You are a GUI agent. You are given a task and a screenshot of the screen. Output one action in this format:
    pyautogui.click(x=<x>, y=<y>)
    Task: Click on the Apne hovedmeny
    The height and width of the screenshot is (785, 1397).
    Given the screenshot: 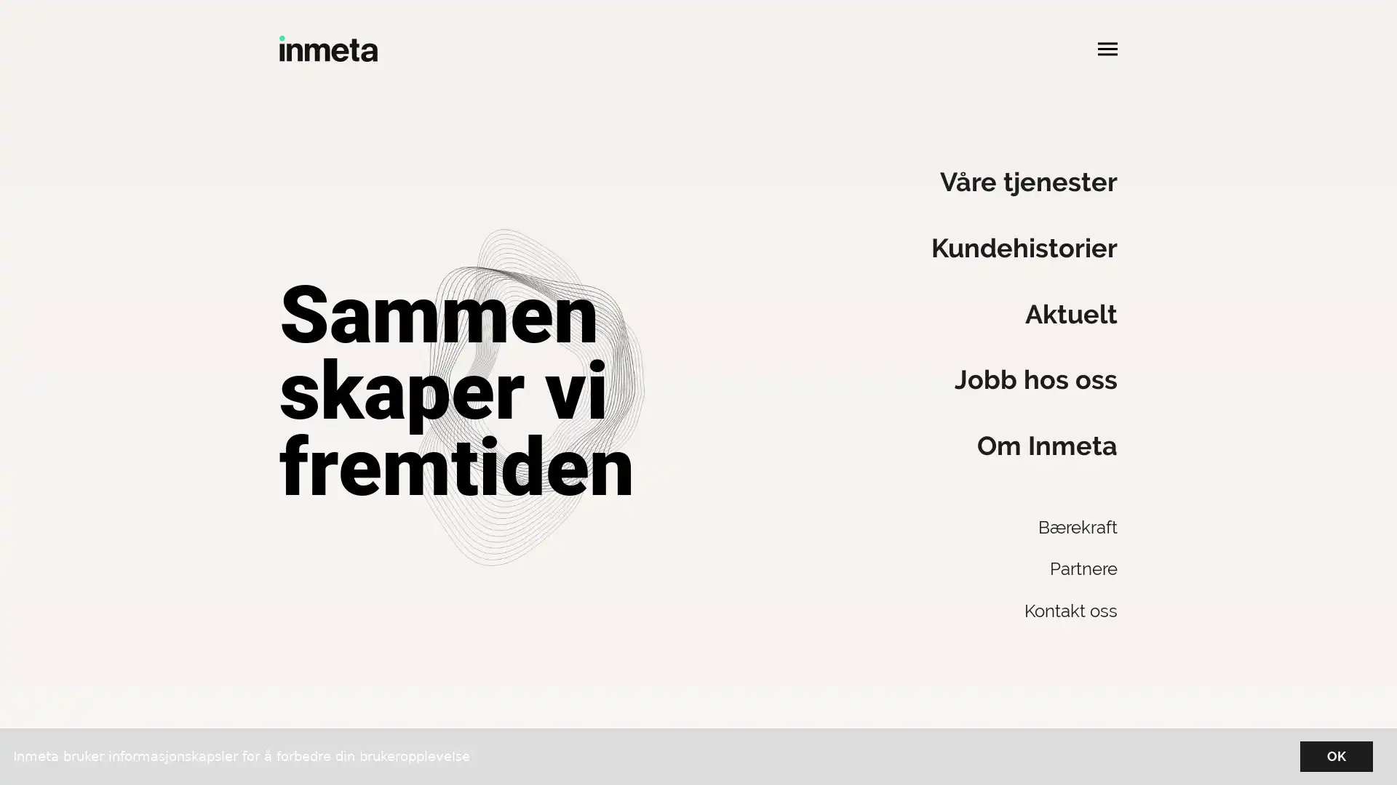 What is the action you would take?
    pyautogui.click(x=1107, y=52)
    